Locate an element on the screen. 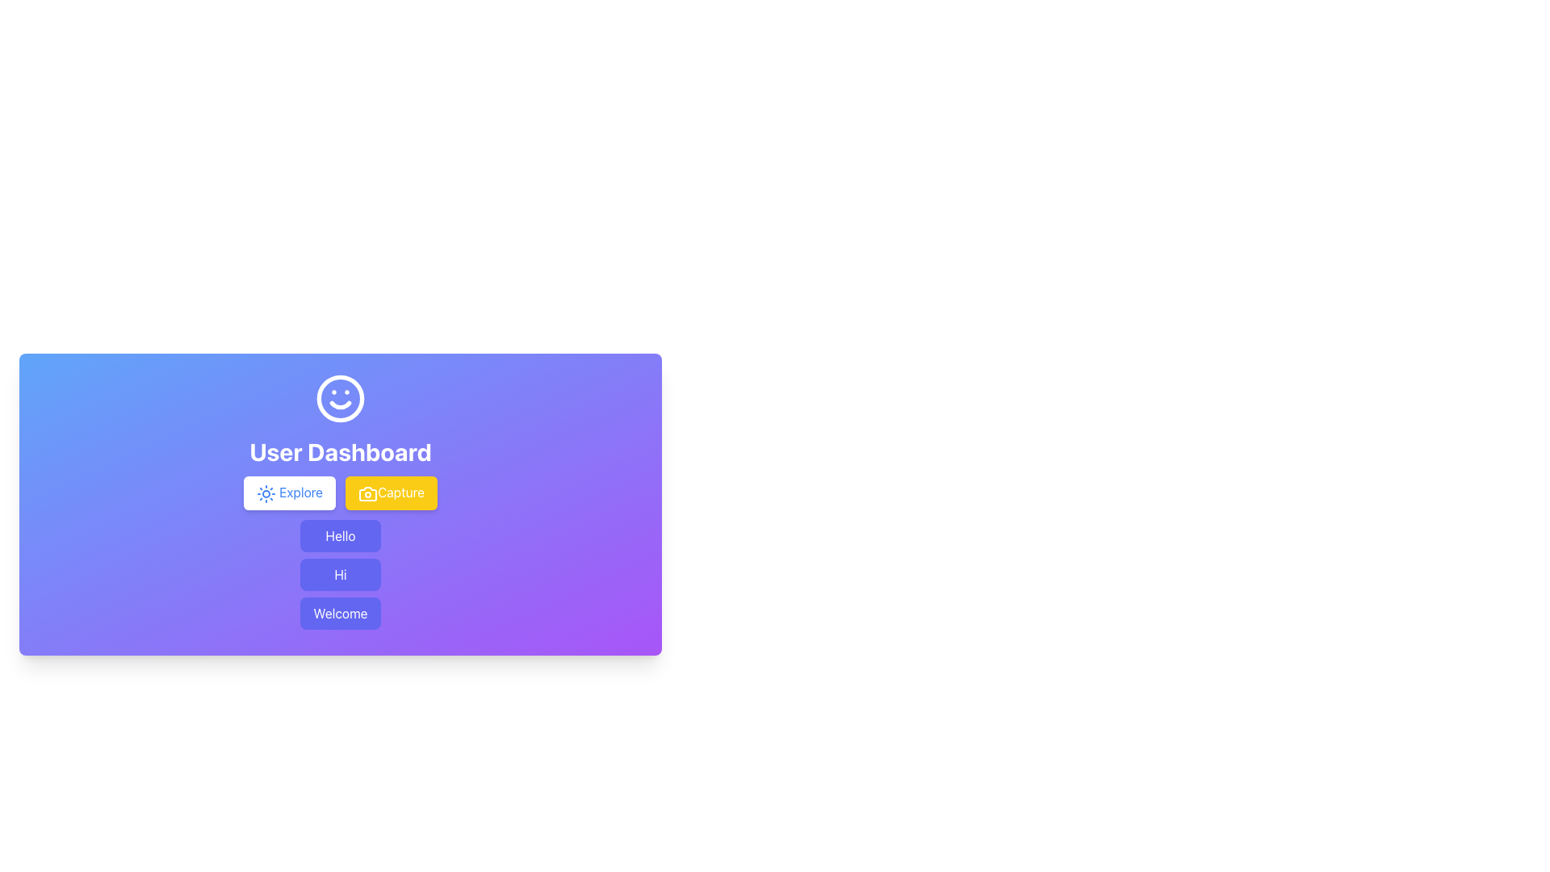 The image size is (1550, 872). the button labeled 'Hi', which is the second button in a vertical stack beneath the 'User Dashboard' heading, positioned between the 'Hello' and 'Welcome' buttons is located at coordinates (340, 573).